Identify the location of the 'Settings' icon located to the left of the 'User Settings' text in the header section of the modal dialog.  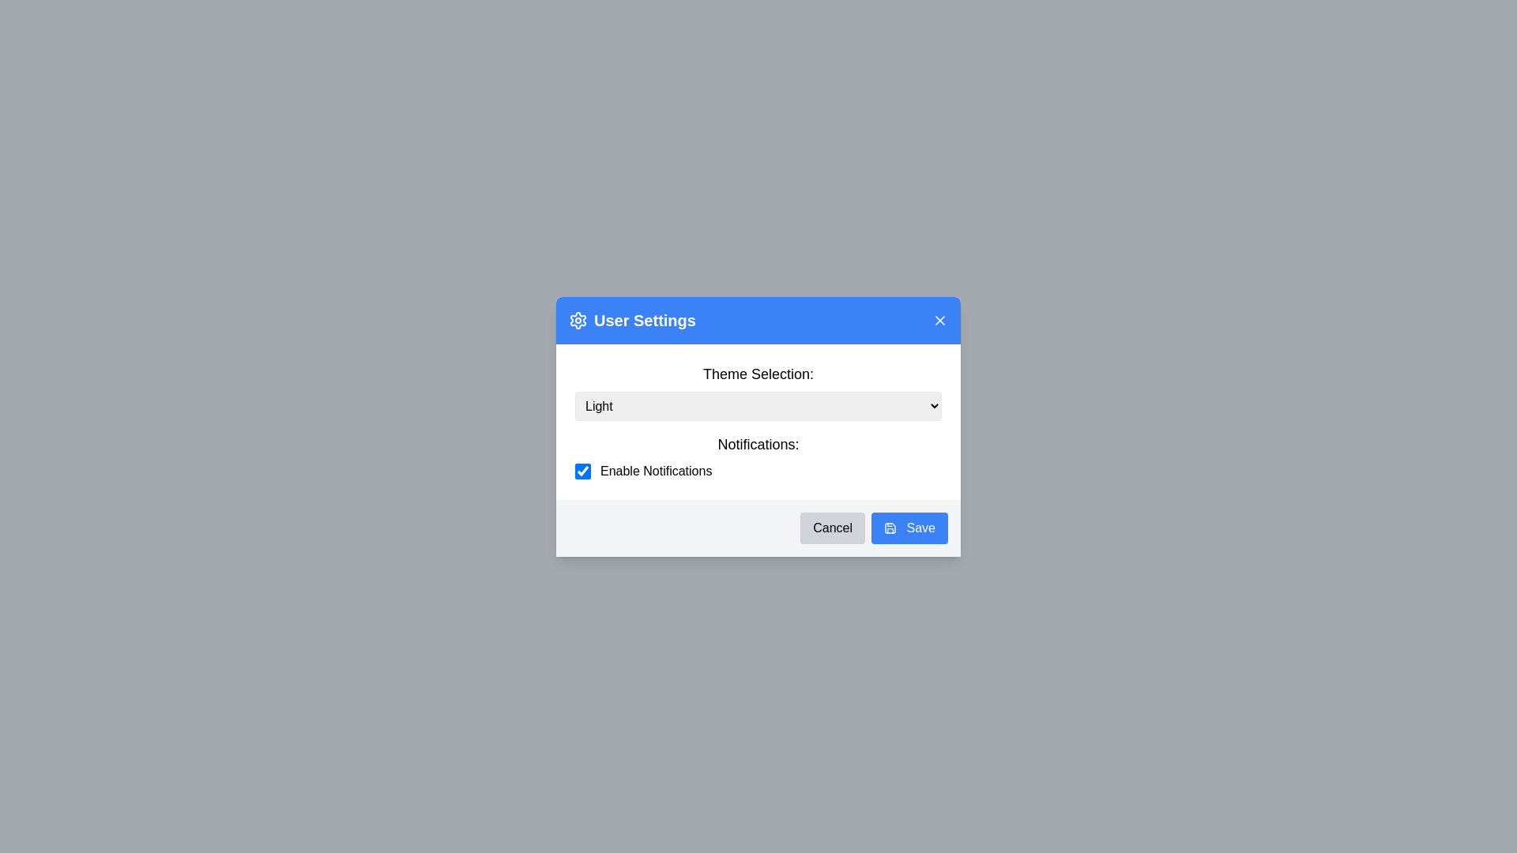
(577, 320).